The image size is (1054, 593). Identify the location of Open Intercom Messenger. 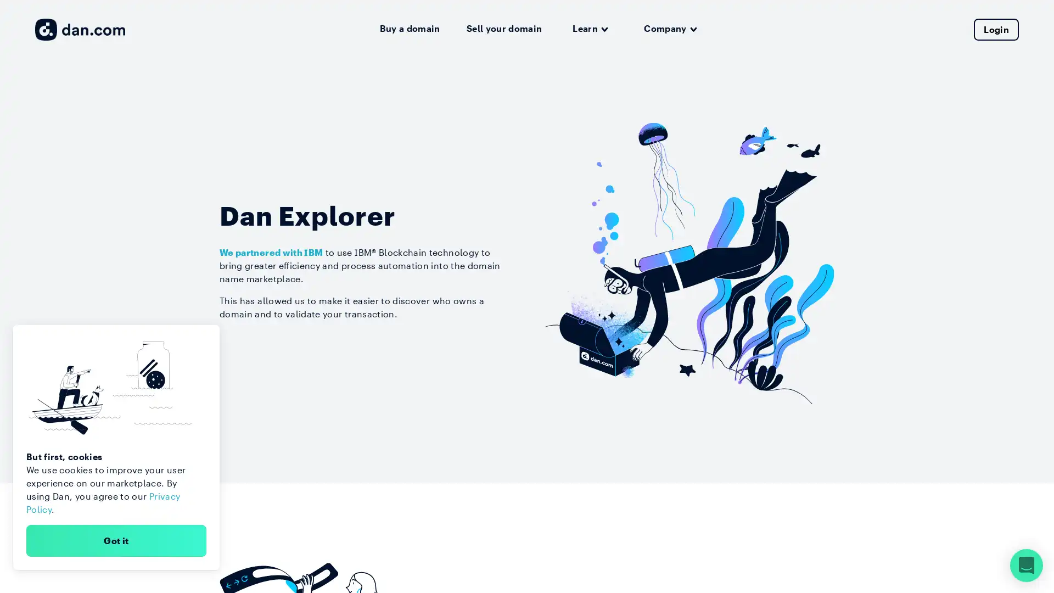
(1026, 565).